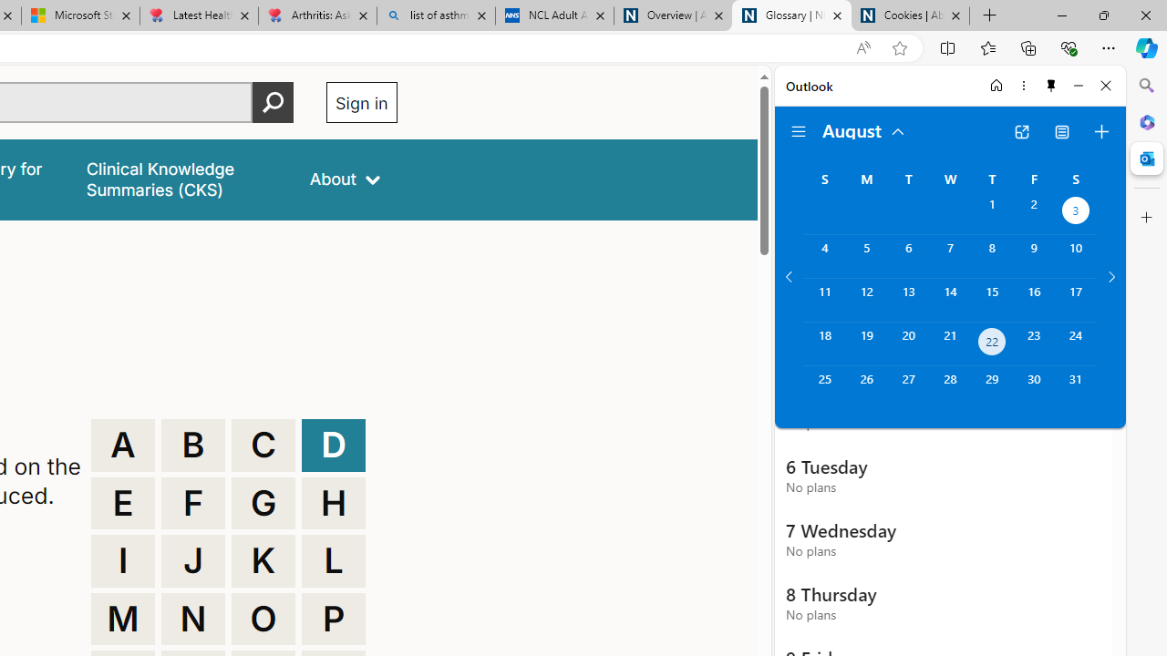 The image size is (1167, 656). I want to click on 'D', so click(334, 445).